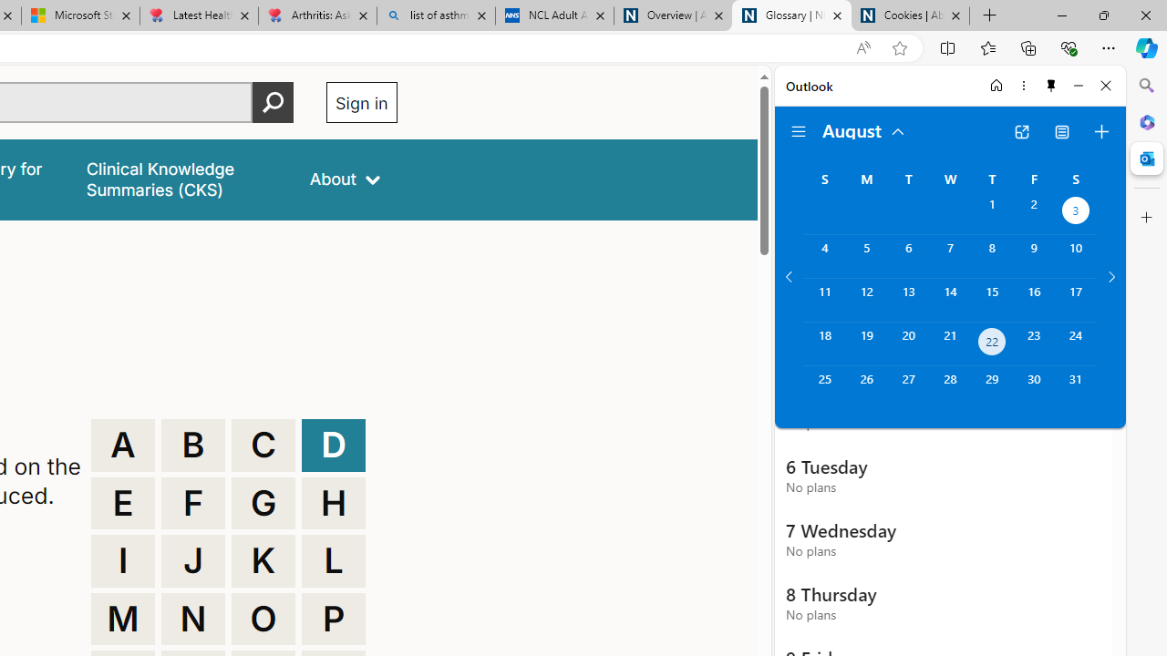 The image size is (1167, 656). I want to click on 'D', so click(334, 445).